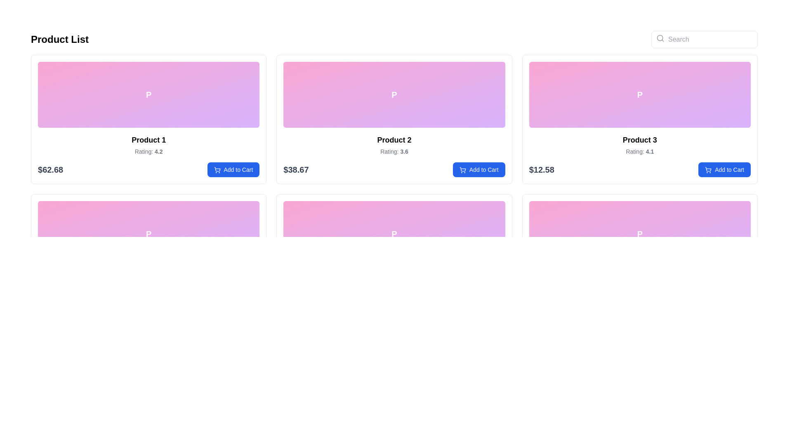 This screenshot has height=445, width=792. What do you see at coordinates (50, 169) in the screenshot?
I see `text content of the price label for 'Product 1', which is located below its title and aligned to the left within the product card` at bounding box center [50, 169].